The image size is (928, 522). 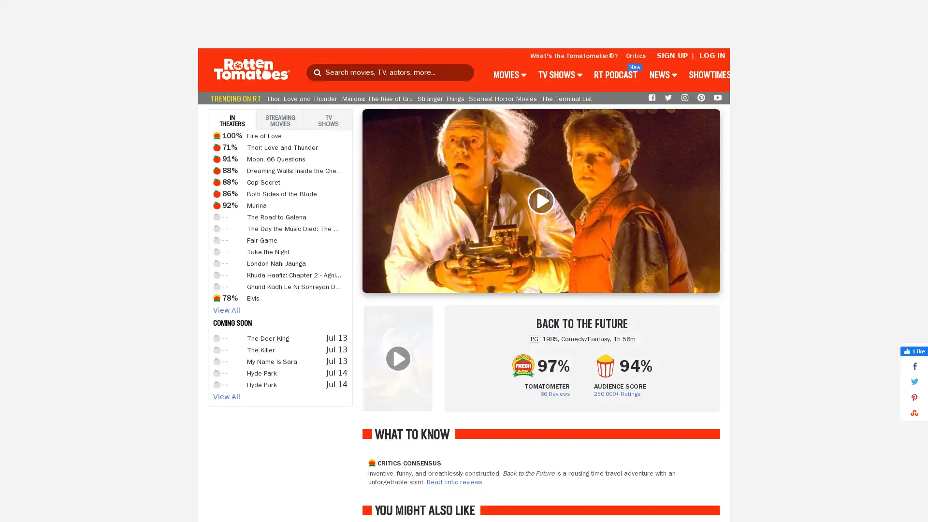 I want to click on IN THEATERS, so click(x=232, y=119).